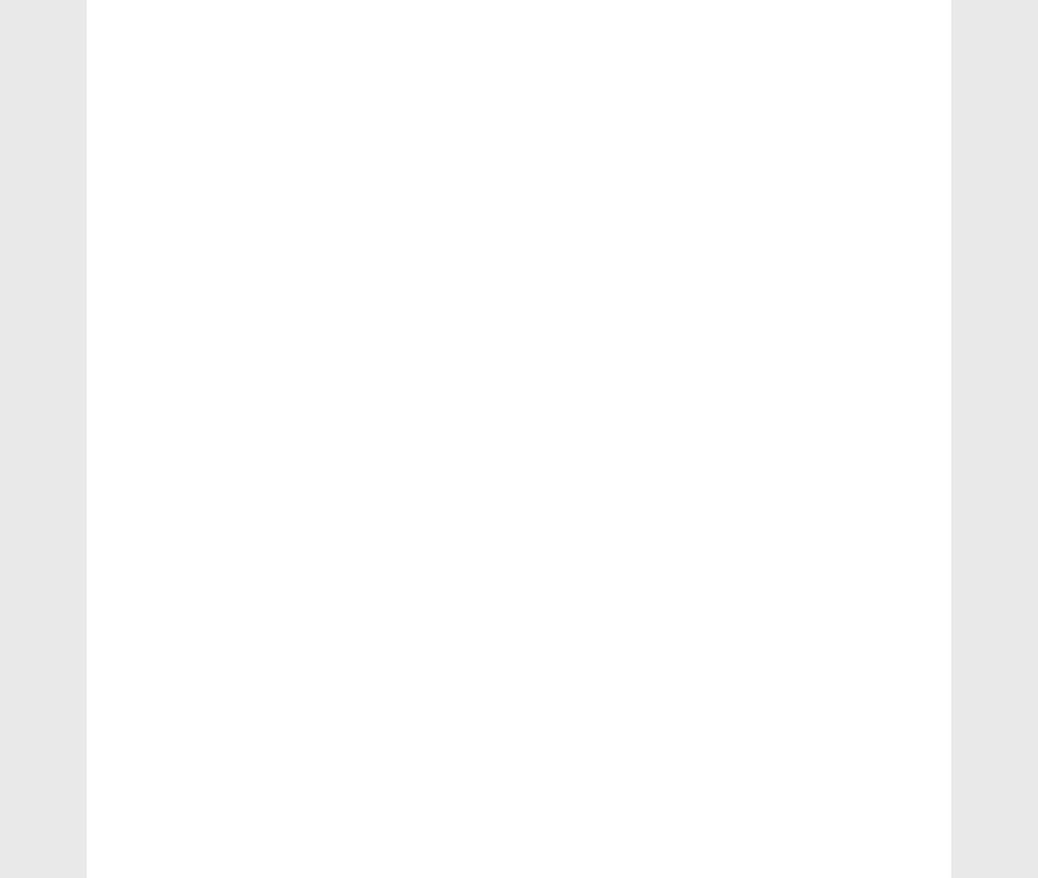 This screenshot has height=878, width=1038. What do you see at coordinates (757, 41) in the screenshot?
I see `'css'` at bounding box center [757, 41].